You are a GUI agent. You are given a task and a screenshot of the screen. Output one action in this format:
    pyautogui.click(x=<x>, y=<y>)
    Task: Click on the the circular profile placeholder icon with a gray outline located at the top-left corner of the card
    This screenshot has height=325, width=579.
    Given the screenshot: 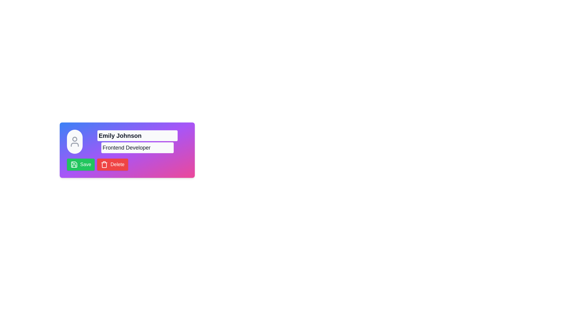 What is the action you would take?
    pyautogui.click(x=74, y=141)
    